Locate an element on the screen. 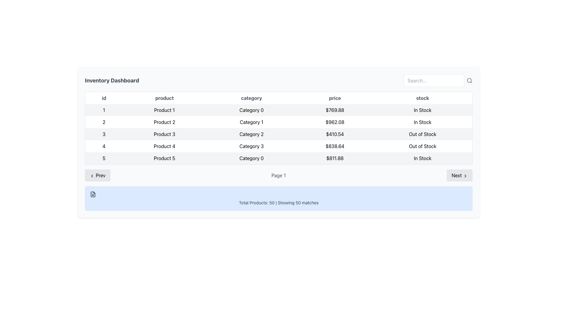 This screenshot has height=325, width=578. the circular SVG element that is part of the search icon, located on the left side of the glass handle line is located at coordinates (469, 80).